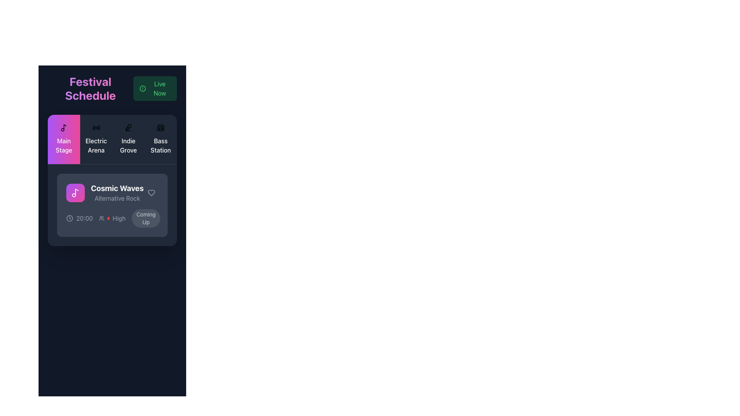 The height and width of the screenshot is (416, 740). What do you see at coordinates (151, 193) in the screenshot?
I see `the heart icon located below 'Cosmic Waves'` at bounding box center [151, 193].